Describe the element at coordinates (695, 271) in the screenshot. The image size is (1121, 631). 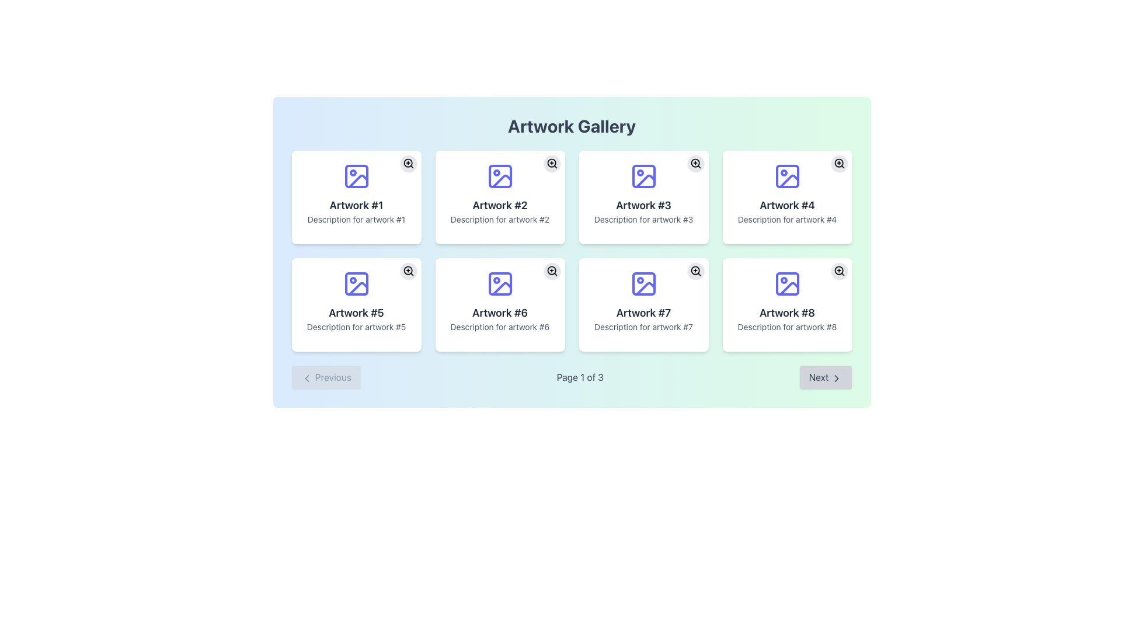
I see `the magnifying glass icon with a '+' symbol inside located in the top-right corner of the 'Artwork #7' card` at that location.